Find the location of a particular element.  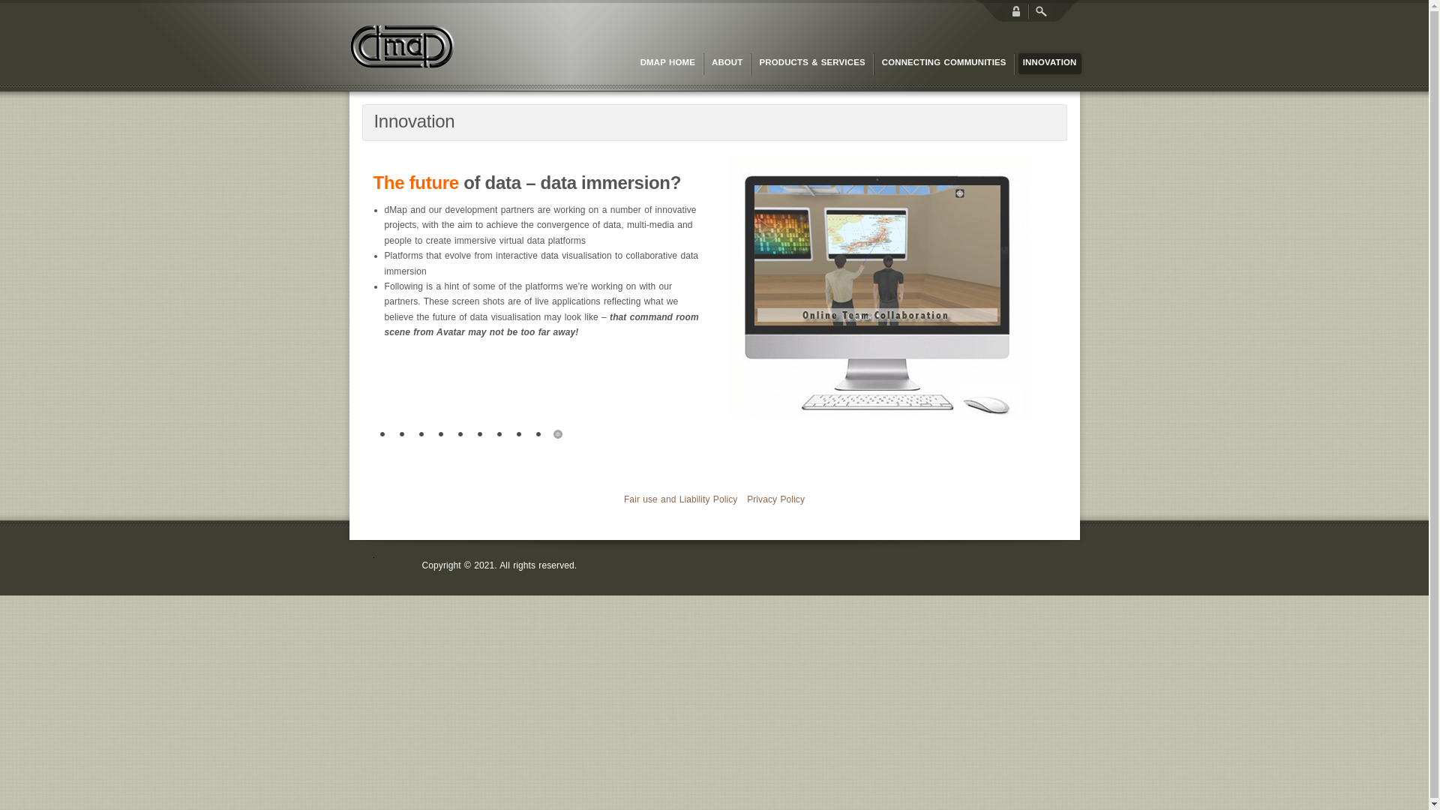

'Open' is located at coordinates (1039, 11).